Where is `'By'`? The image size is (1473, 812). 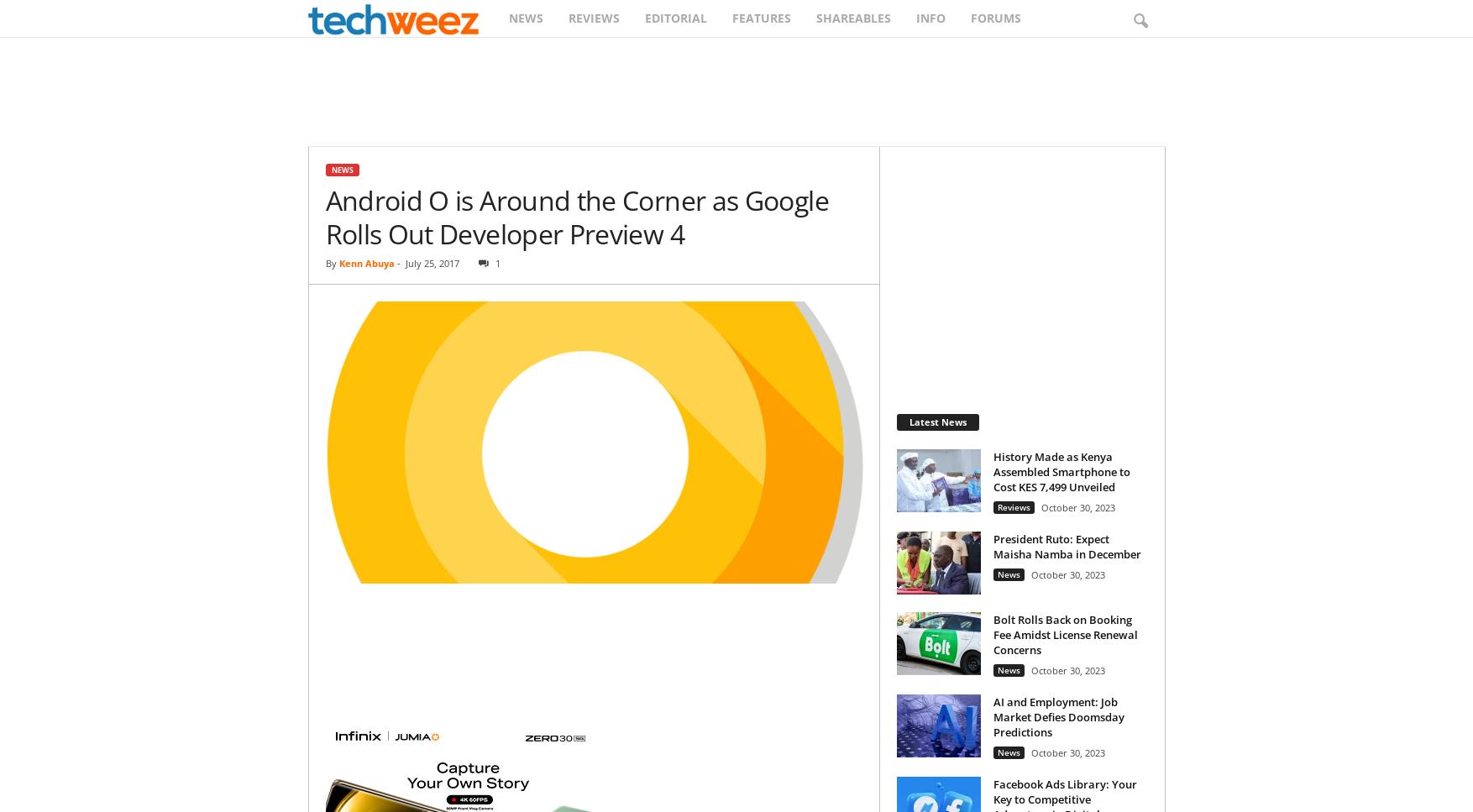
'By' is located at coordinates (330, 263).